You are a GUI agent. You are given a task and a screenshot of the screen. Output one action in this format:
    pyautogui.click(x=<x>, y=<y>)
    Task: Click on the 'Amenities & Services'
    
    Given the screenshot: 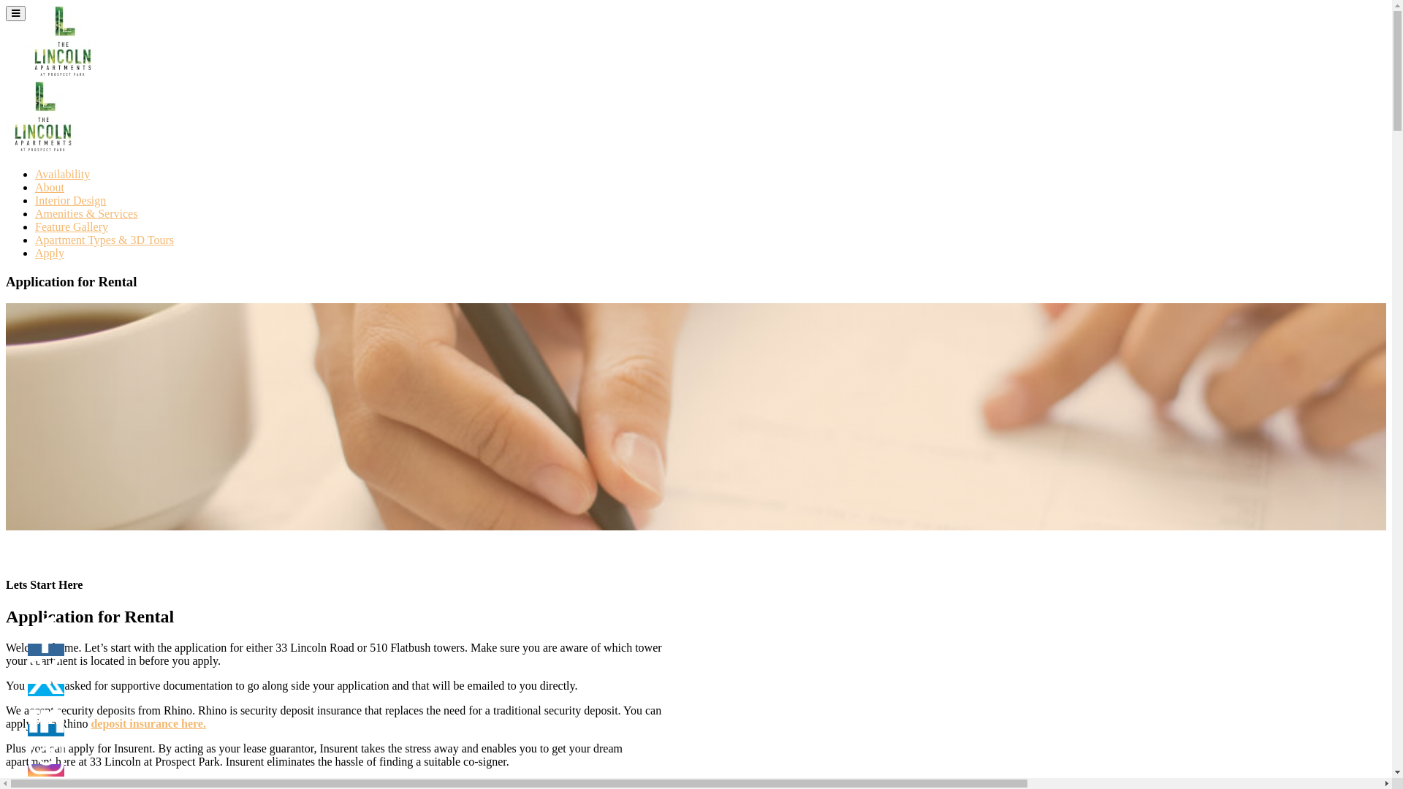 What is the action you would take?
    pyautogui.click(x=85, y=213)
    